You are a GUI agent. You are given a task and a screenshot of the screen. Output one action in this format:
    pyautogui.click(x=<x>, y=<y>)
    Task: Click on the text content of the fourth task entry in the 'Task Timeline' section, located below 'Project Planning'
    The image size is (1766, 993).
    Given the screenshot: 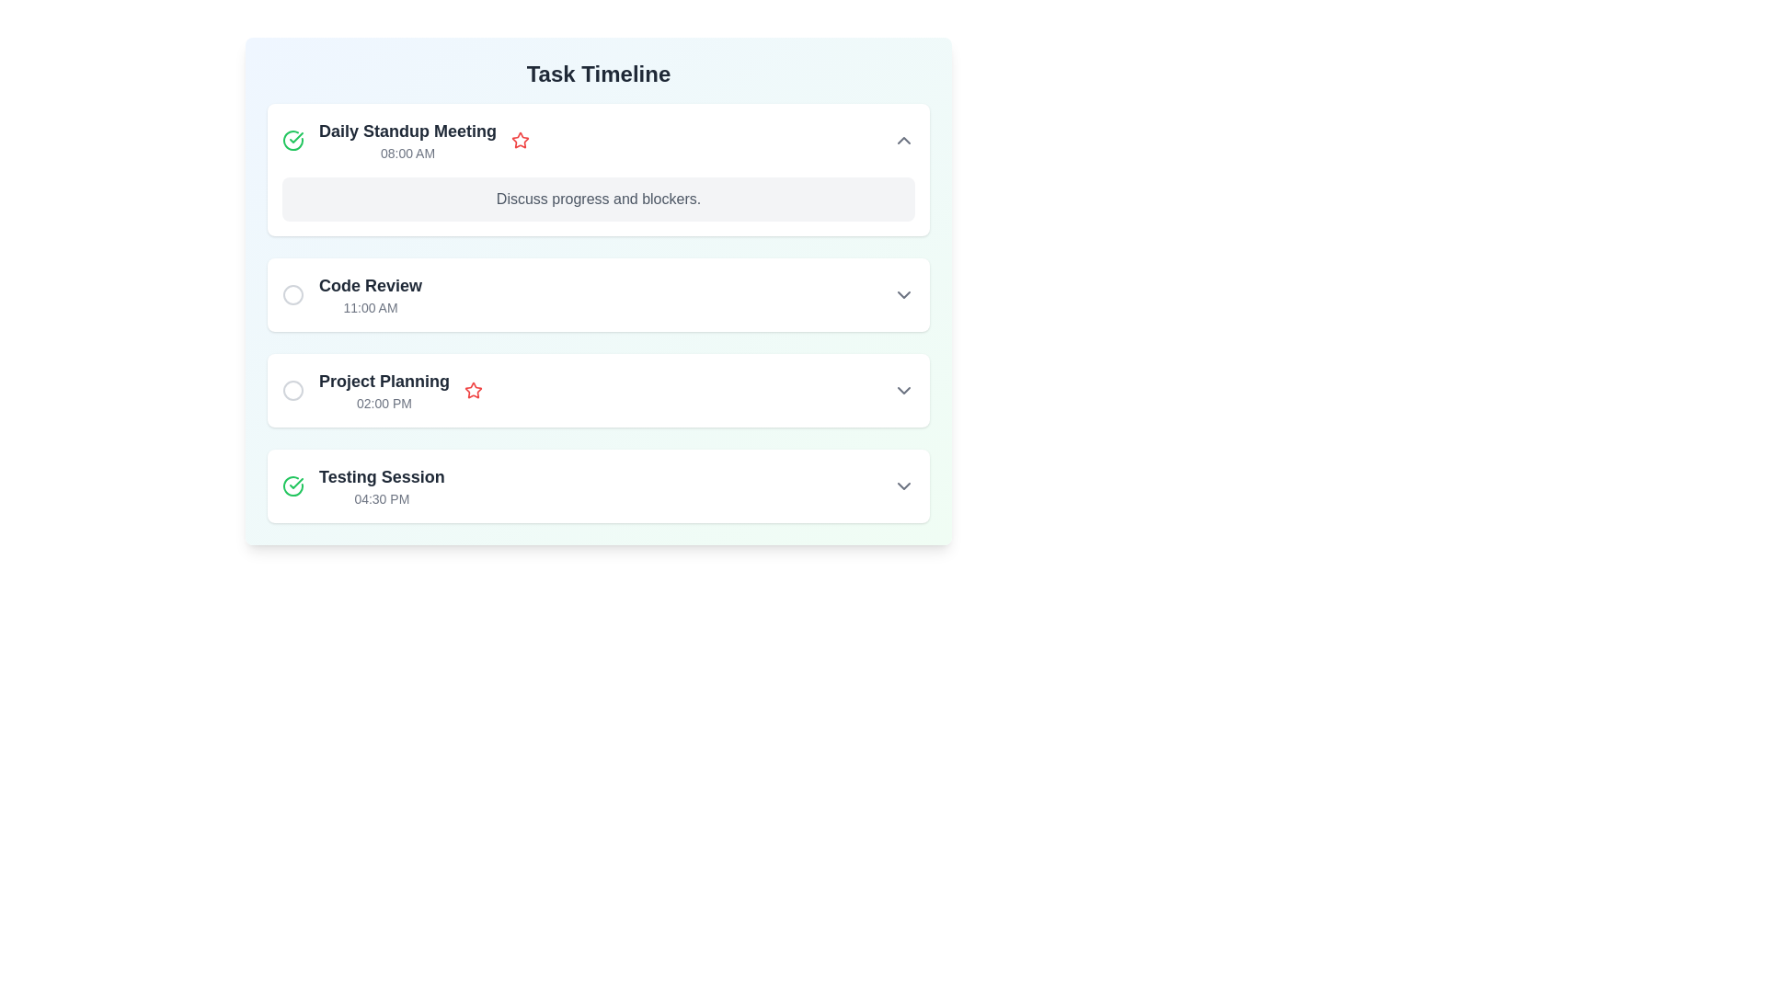 What is the action you would take?
    pyautogui.click(x=381, y=485)
    